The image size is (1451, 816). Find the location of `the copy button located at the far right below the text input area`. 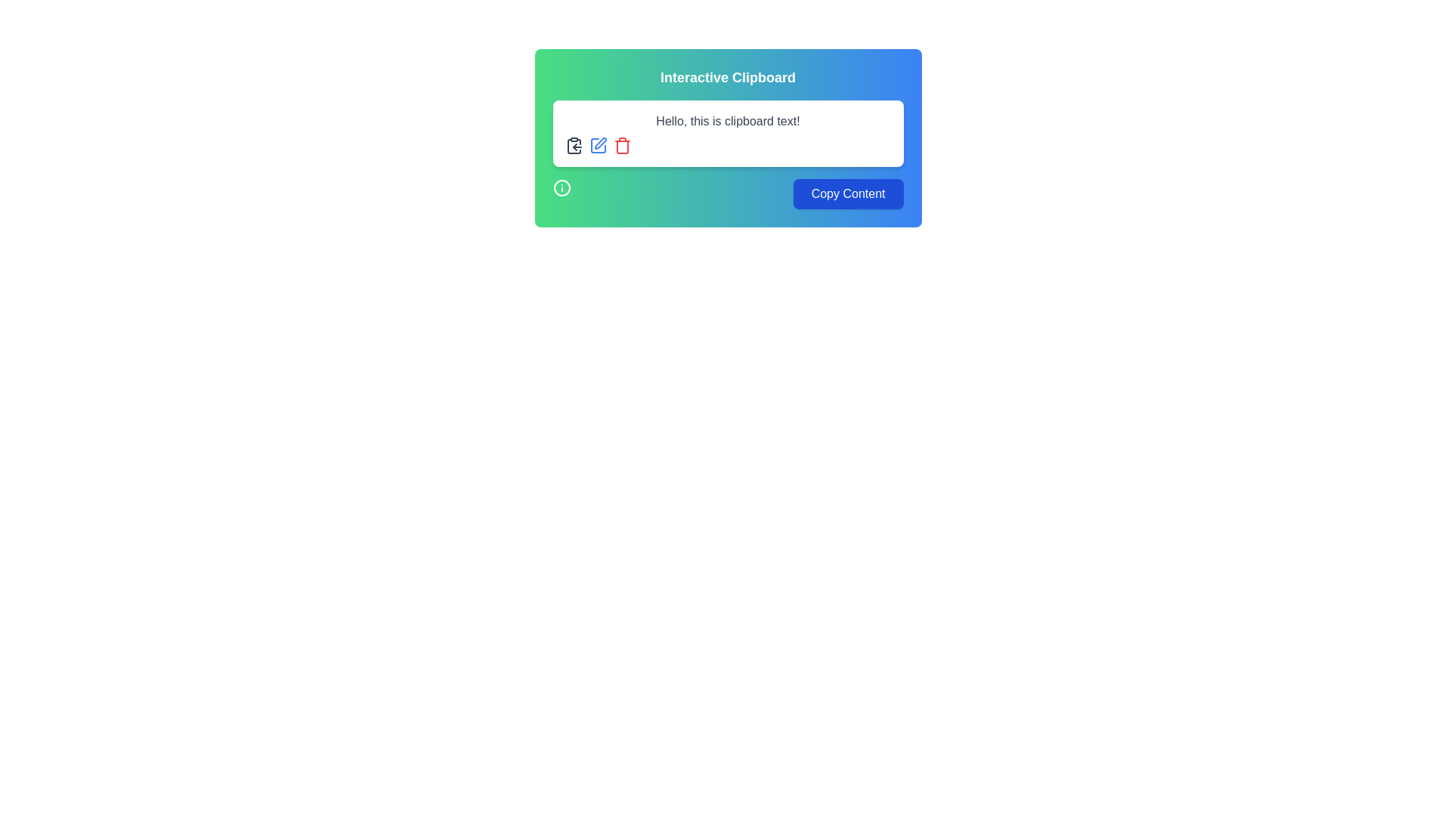

the copy button located at the far right below the text input area is located at coordinates (848, 193).